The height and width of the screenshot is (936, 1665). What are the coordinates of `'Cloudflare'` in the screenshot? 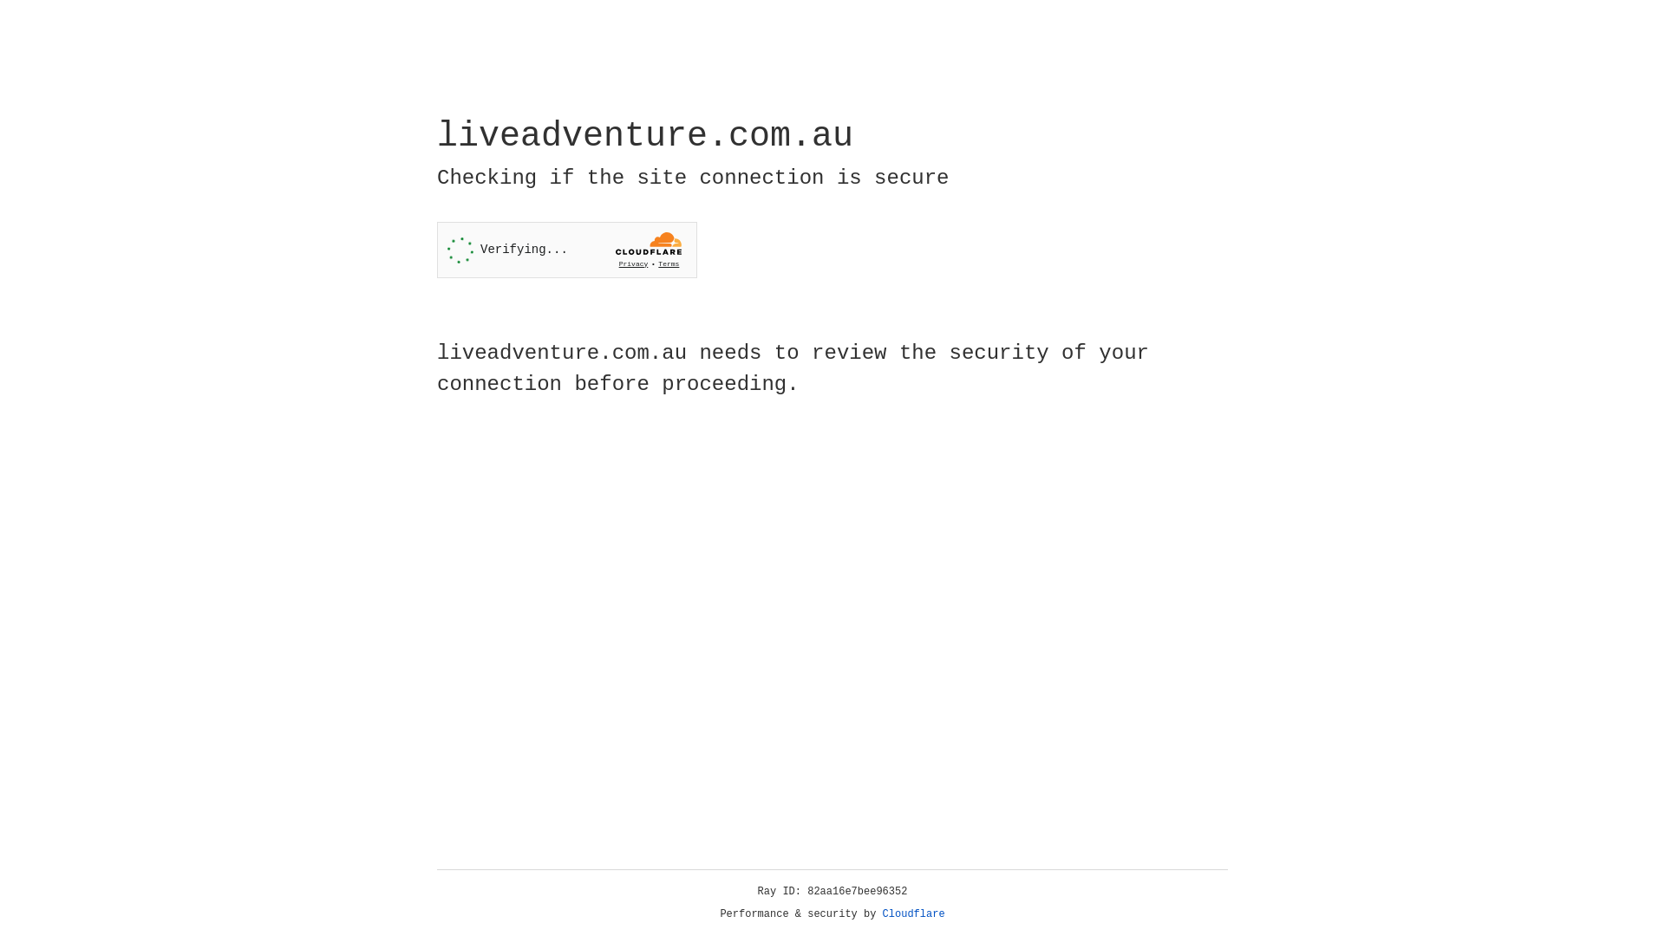 It's located at (913, 913).